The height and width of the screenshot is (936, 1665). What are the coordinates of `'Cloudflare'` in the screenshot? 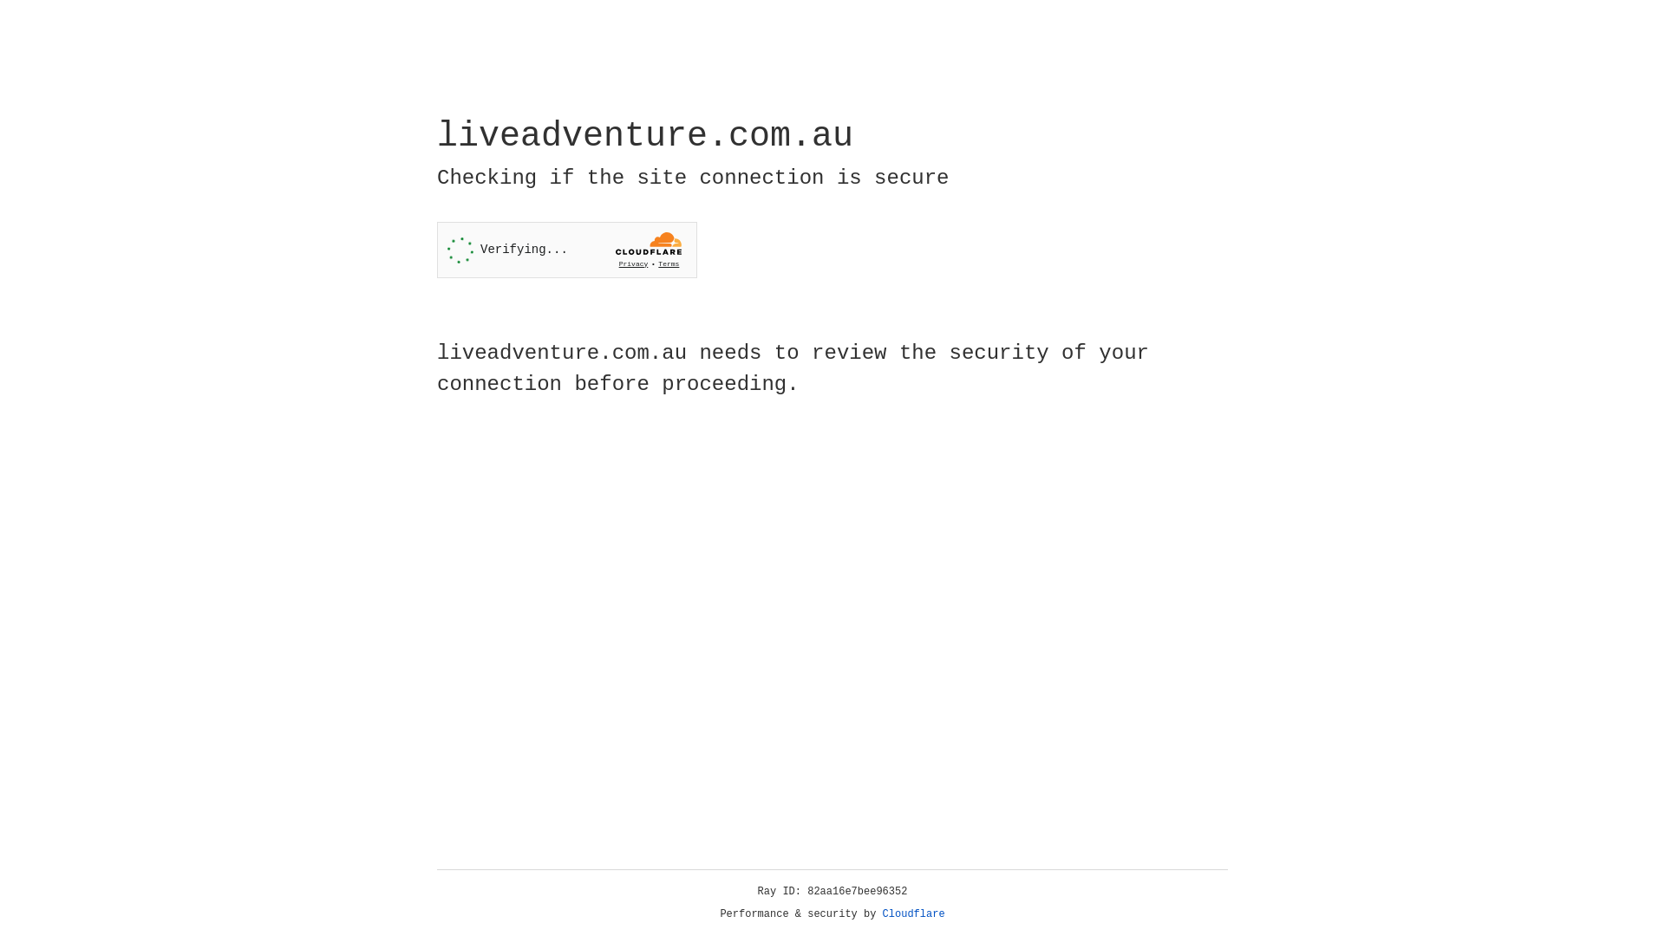 It's located at (913, 913).